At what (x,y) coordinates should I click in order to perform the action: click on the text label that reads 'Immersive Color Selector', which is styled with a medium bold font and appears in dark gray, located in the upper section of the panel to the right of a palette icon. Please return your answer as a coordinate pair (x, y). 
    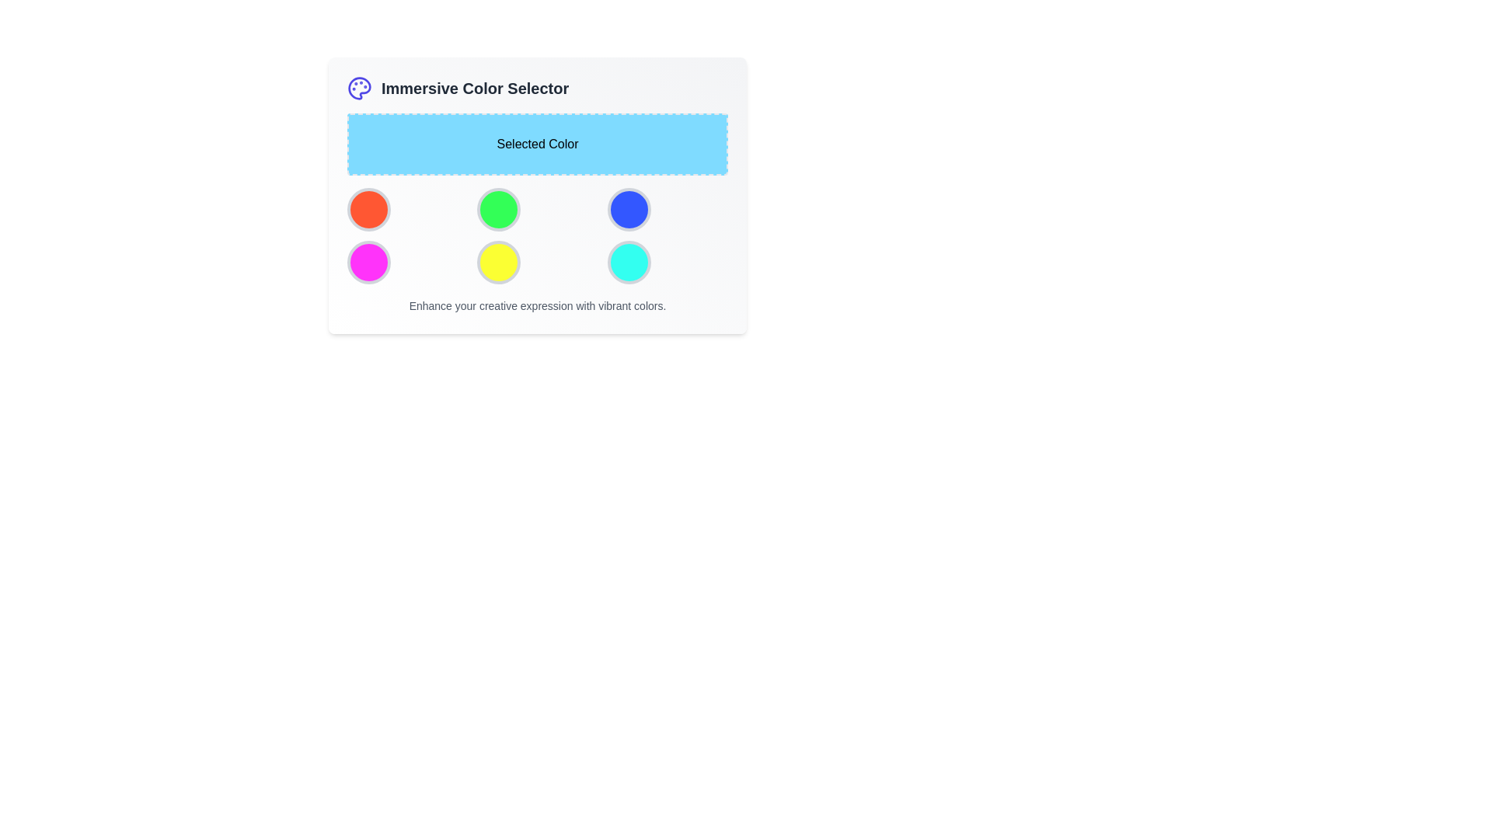
    Looking at the image, I should click on (474, 89).